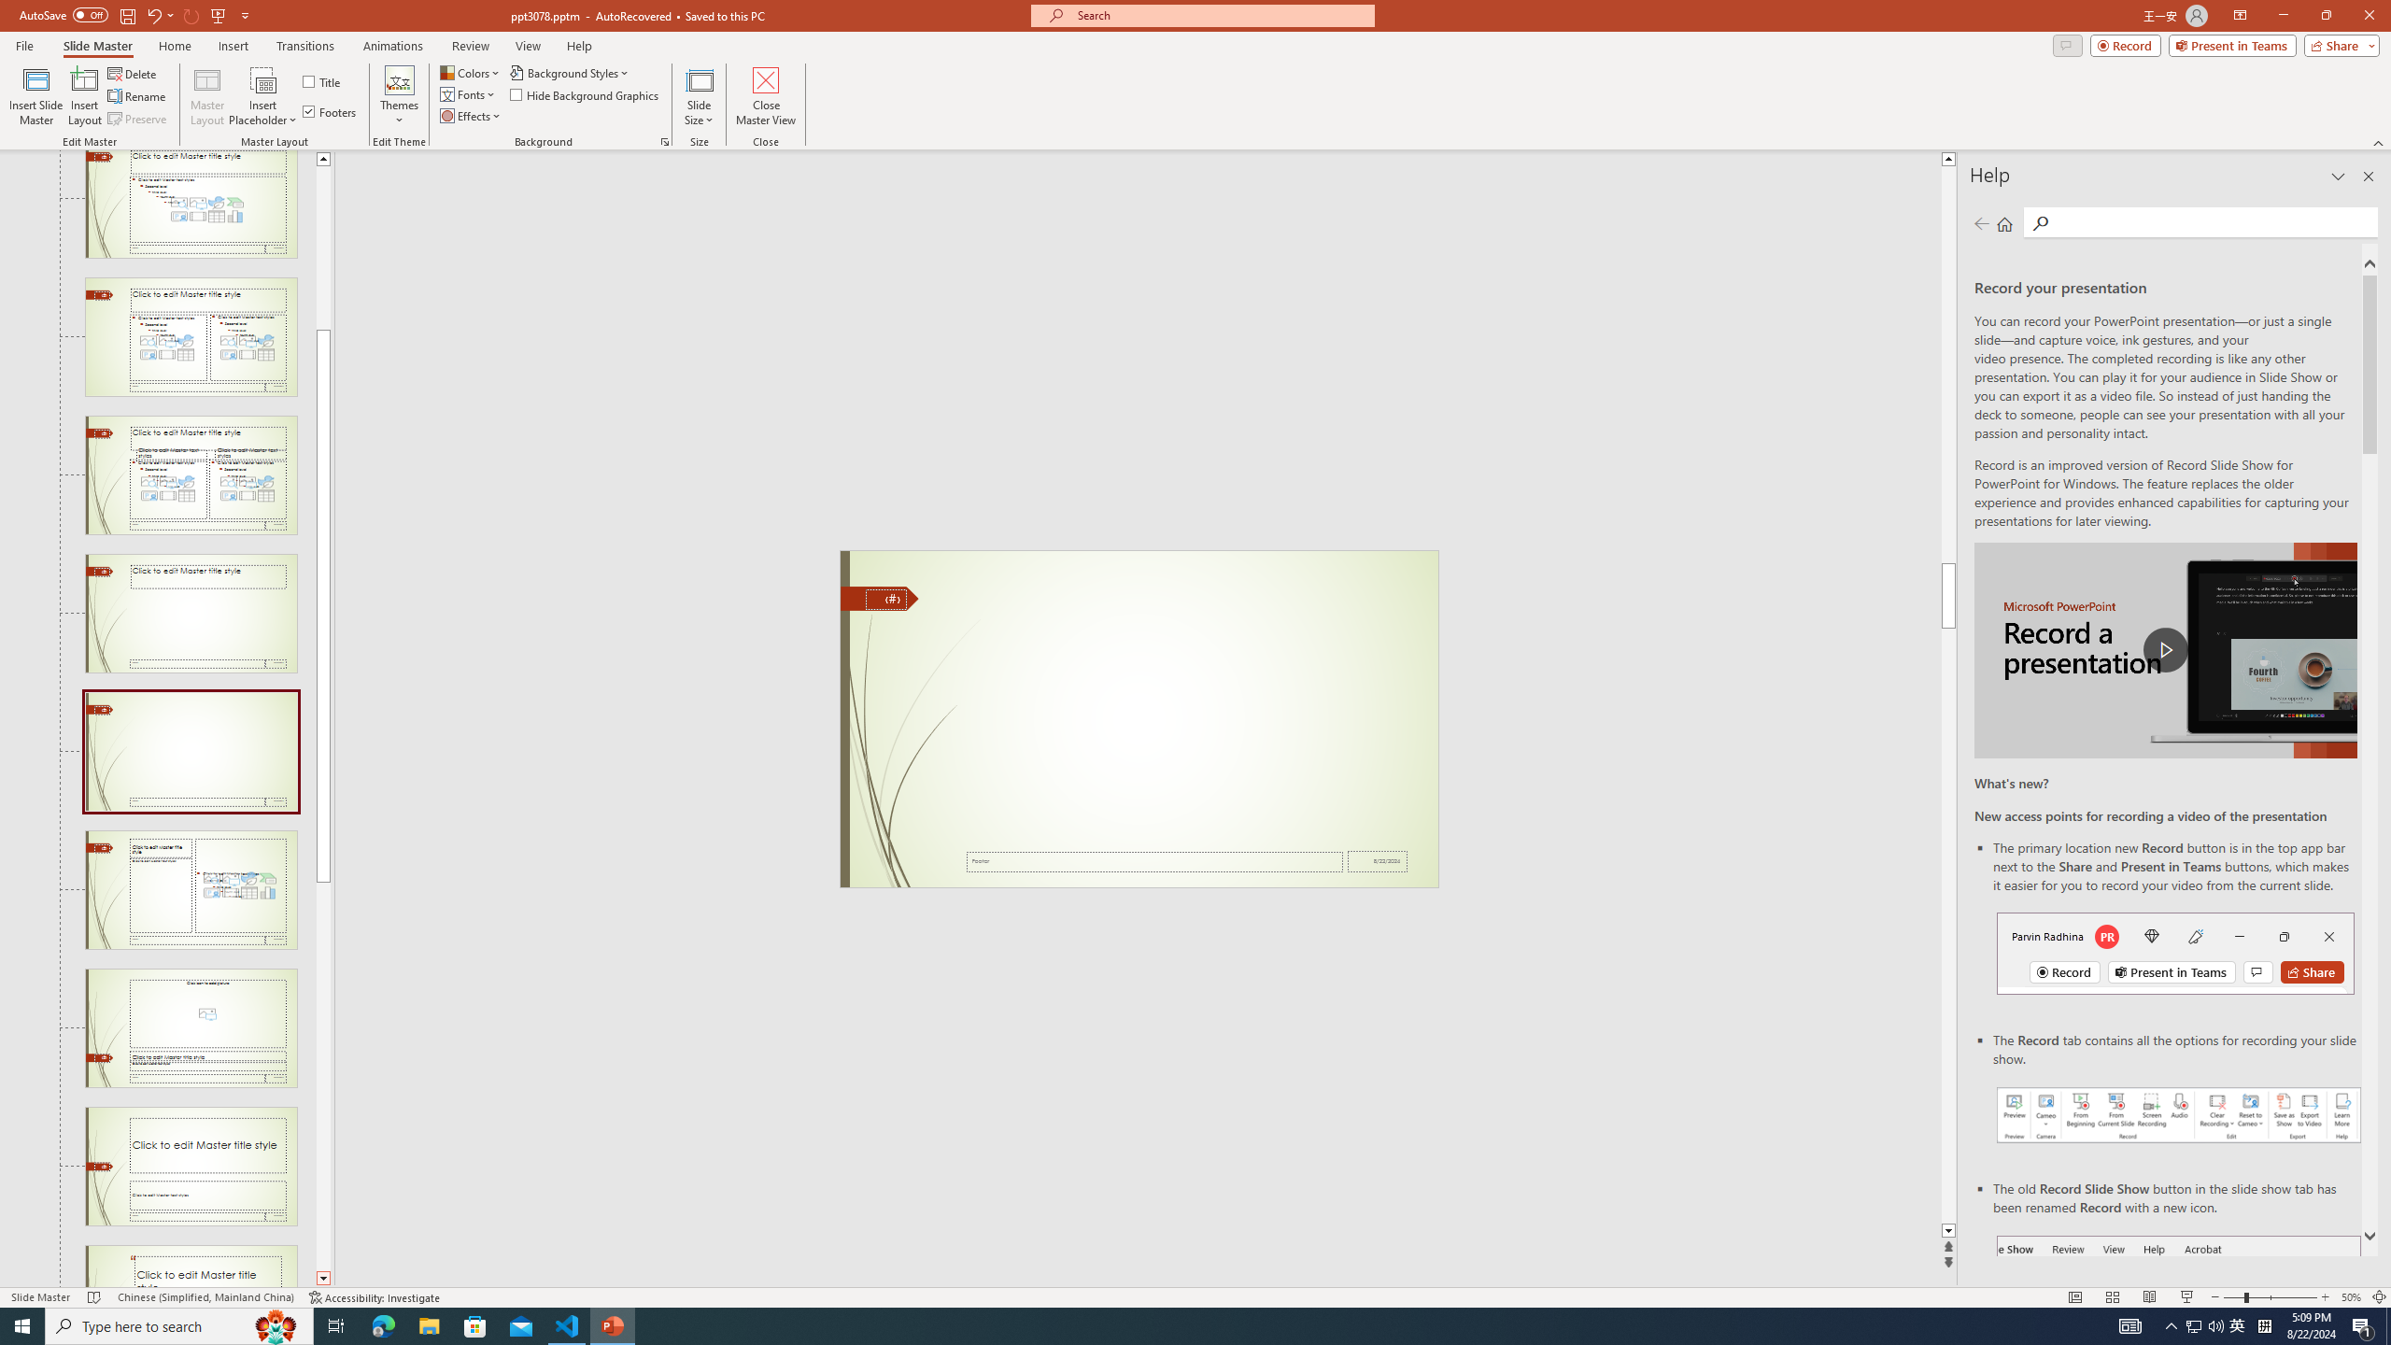 This screenshot has height=1345, width=2391. I want to click on 'Slide Two Content Layout: used by no slides', so click(190, 336).